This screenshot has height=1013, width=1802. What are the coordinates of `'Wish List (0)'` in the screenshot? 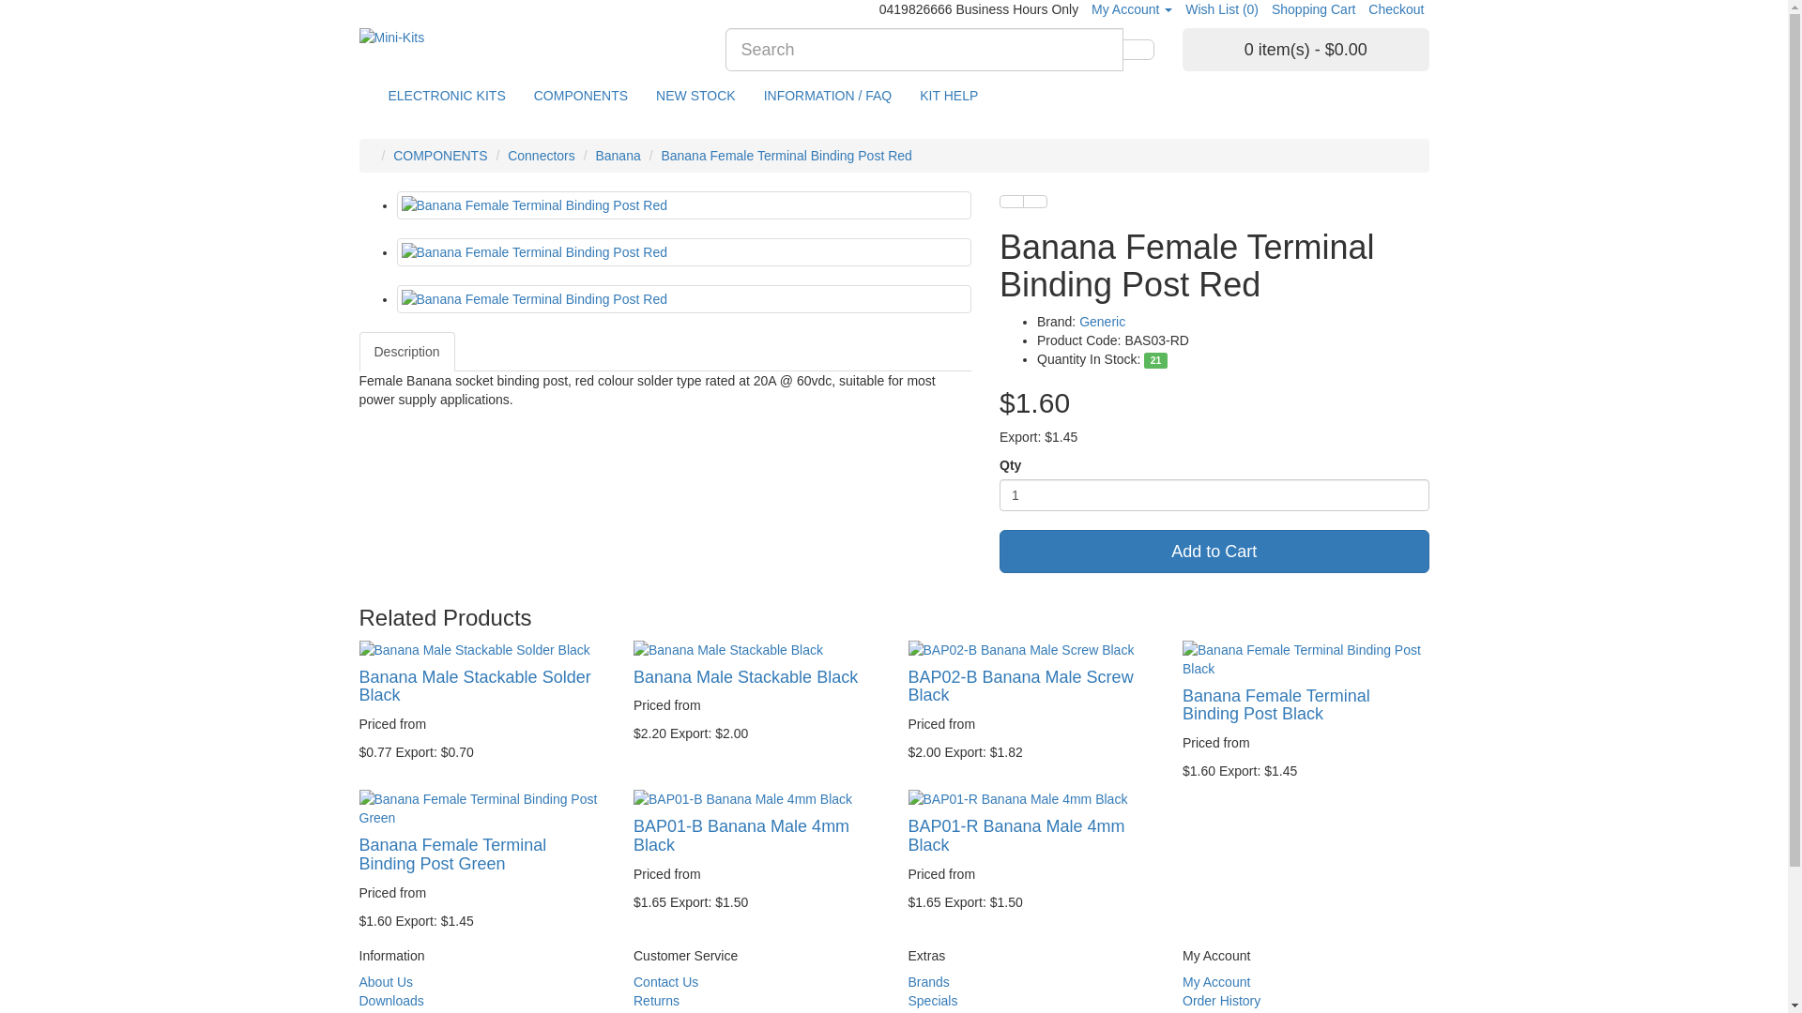 It's located at (1221, 9).